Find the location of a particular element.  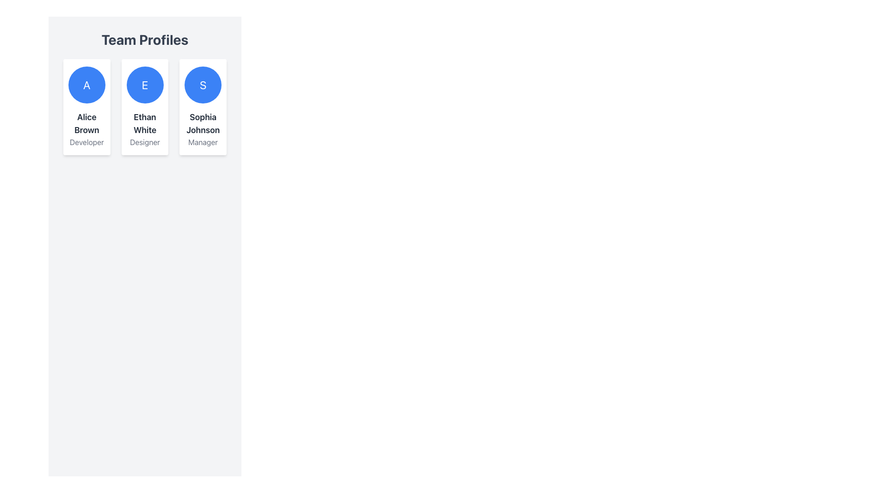

the blue round avatar displaying the letter 'A' is located at coordinates (86, 85).